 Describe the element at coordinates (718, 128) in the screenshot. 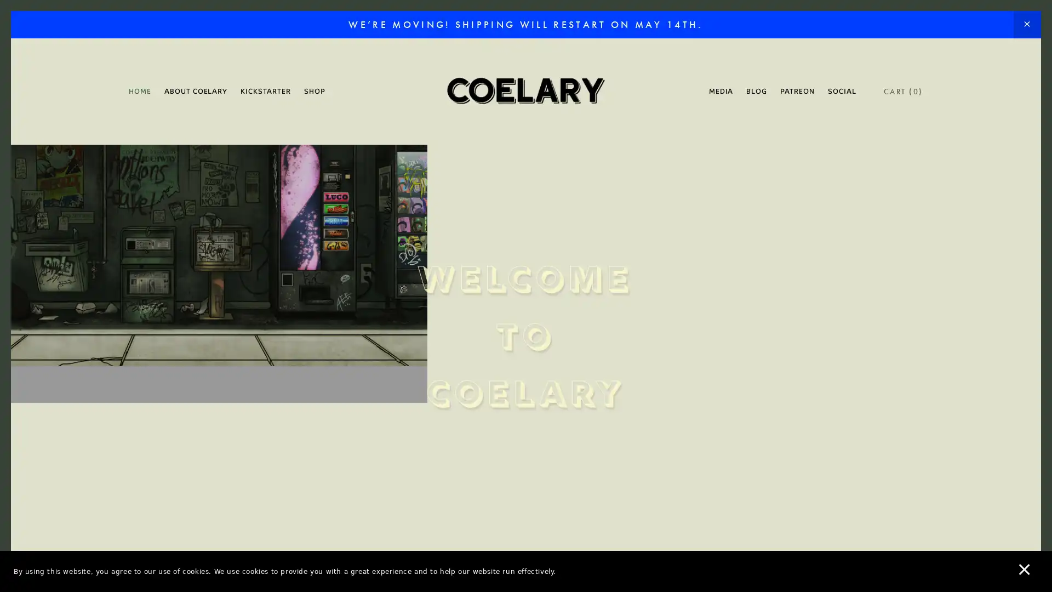

I see `Close` at that location.